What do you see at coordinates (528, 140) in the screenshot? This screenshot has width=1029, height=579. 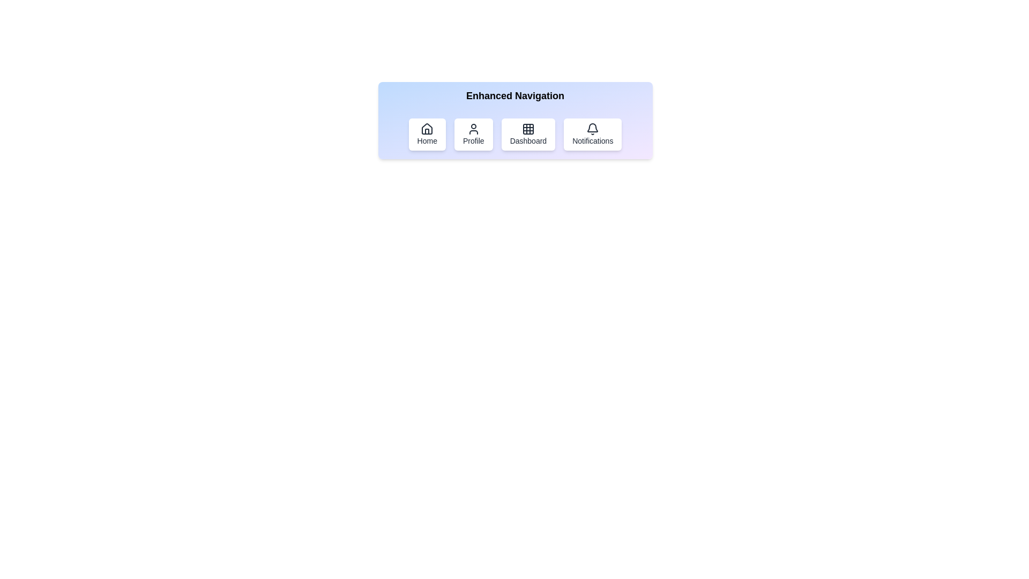 I see `label indicating the 'Dashboard' button, which serves to inform users that clicking it will navigate to the dashboard section` at bounding box center [528, 140].